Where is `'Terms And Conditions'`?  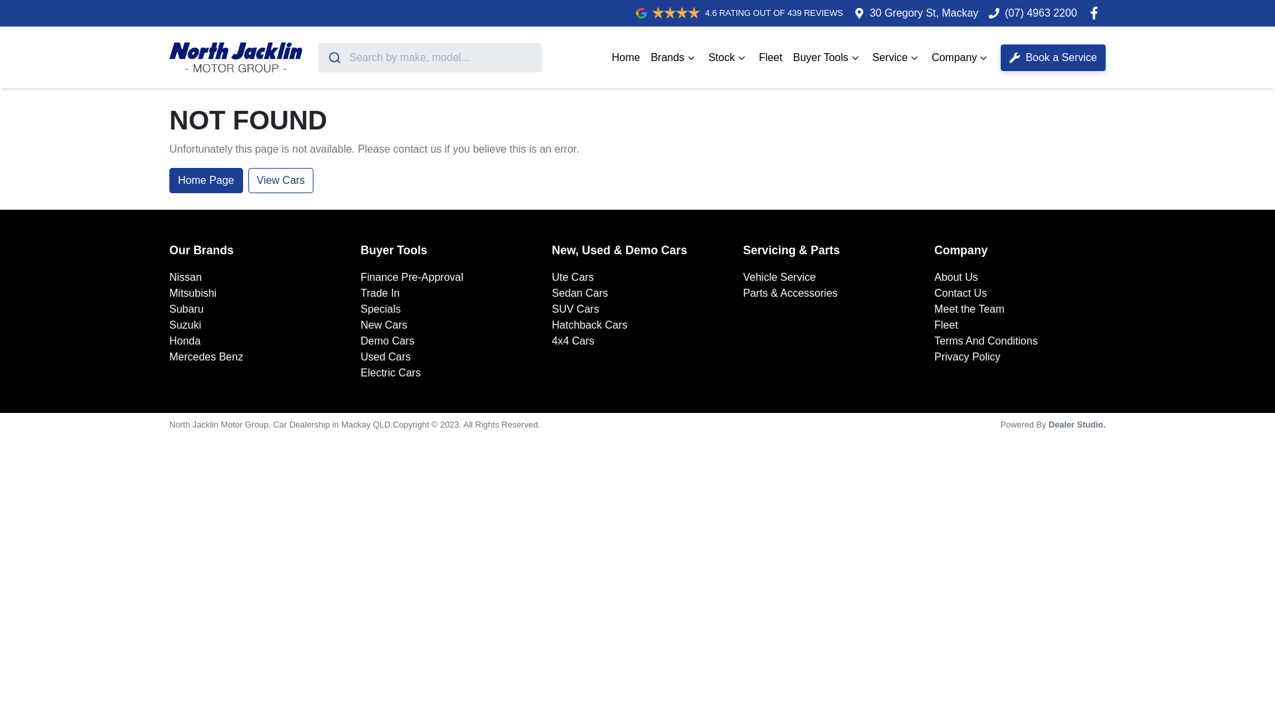 'Terms And Conditions' is located at coordinates (985, 340).